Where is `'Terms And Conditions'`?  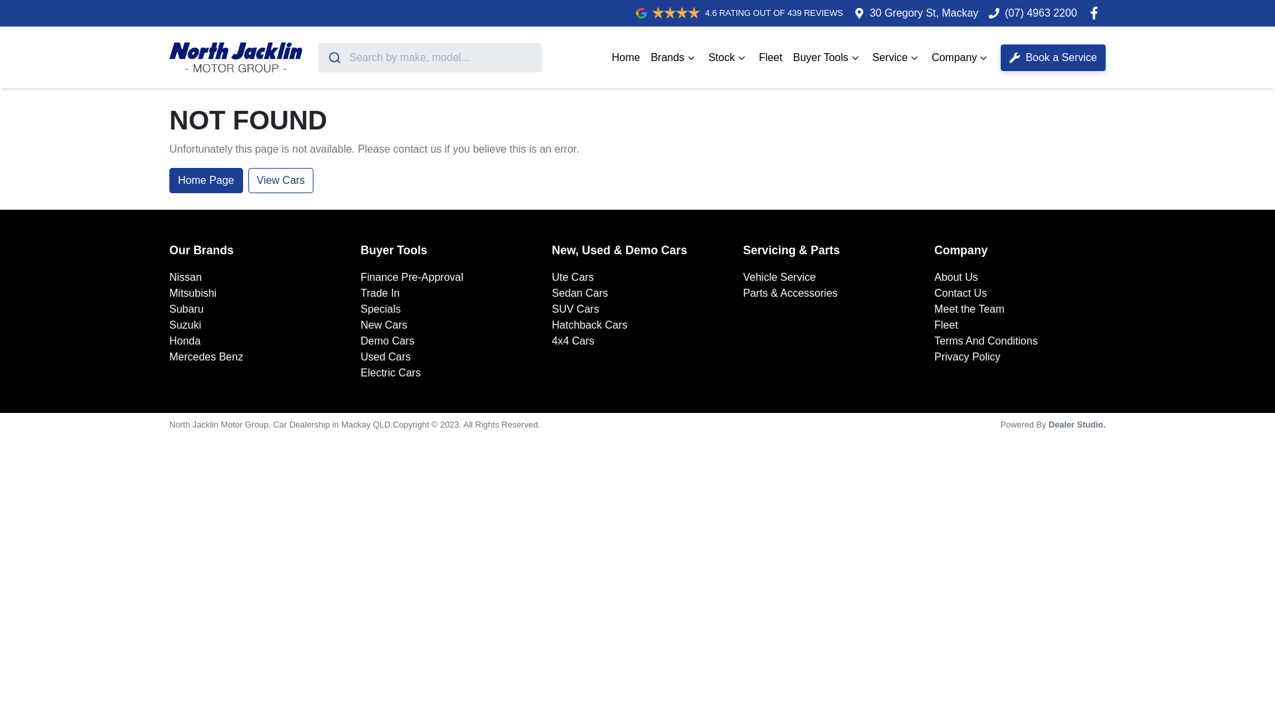 'Terms And Conditions' is located at coordinates (985, 340).